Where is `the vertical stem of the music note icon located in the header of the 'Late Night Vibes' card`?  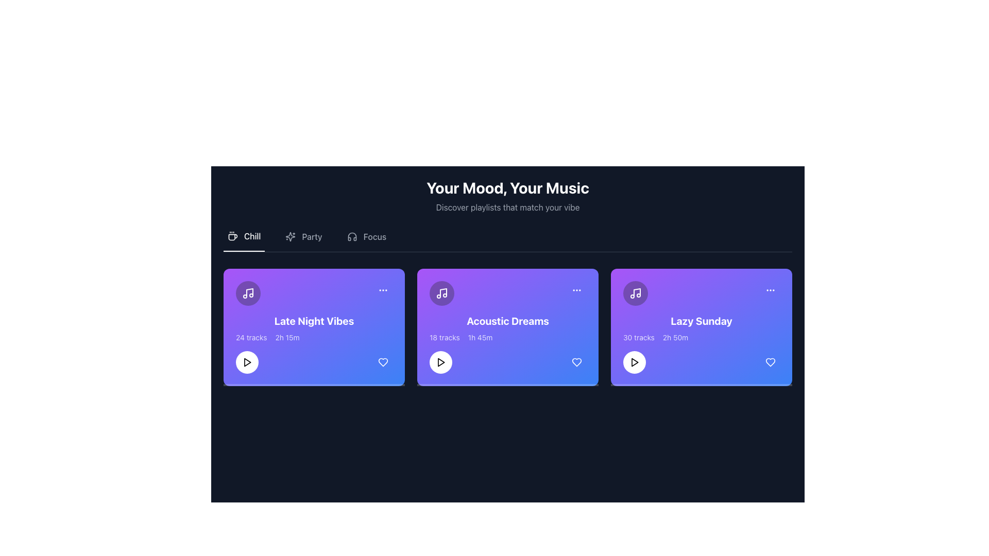 the vertical stem of the music note icon located in the header of the 'Late Night Vibes' card is located at coordinates (249, 292).